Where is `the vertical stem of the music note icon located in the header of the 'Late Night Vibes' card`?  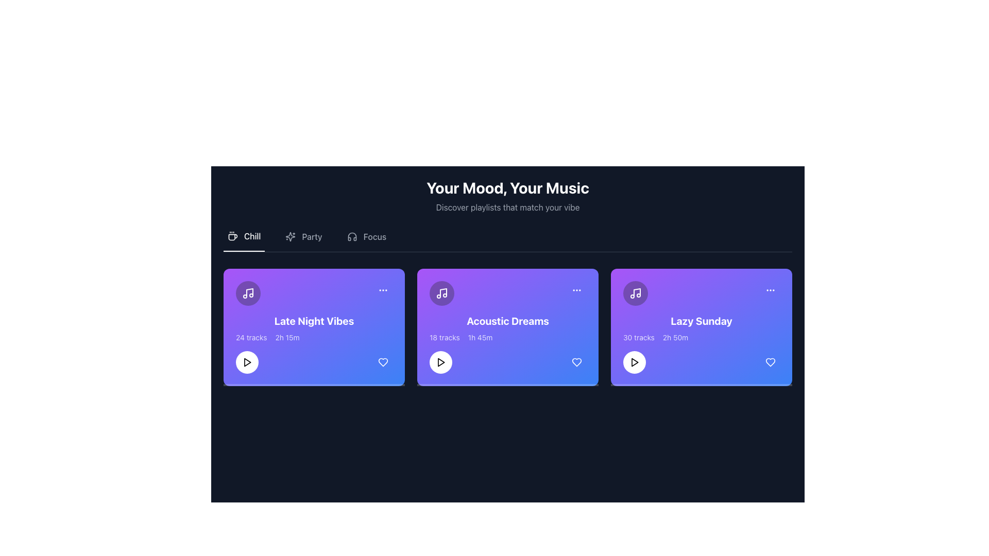 the vertical stem of the music note icon located in the header of the 'Late Night Vibes' card is located at coordinates (249, 292).